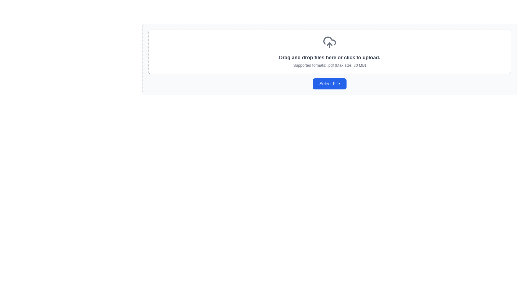  I want to click on text content of the text label that reads 'Drag and drop files here or click to upload.' which is styled with a large font size, center alignment, dark gray color, and bold weight, so click(329, 58).